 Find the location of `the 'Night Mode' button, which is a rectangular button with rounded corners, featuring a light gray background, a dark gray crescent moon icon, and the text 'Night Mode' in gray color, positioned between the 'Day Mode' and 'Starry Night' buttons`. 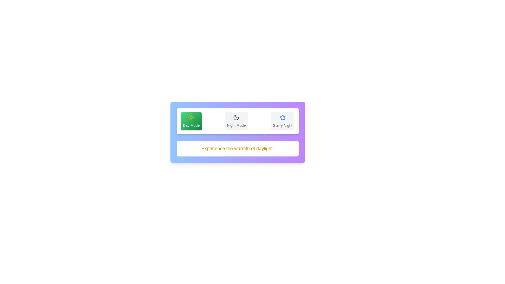

the 'Night Mode' button, which is a rectangular button with rounded corners, featuring a light gray background, a dark gray crescent moon icon, and the text 'Night Mode' in gray color, positioned between the 'Day Mode' and 'Starry Night' buttons is located at coordinates (236, 121).